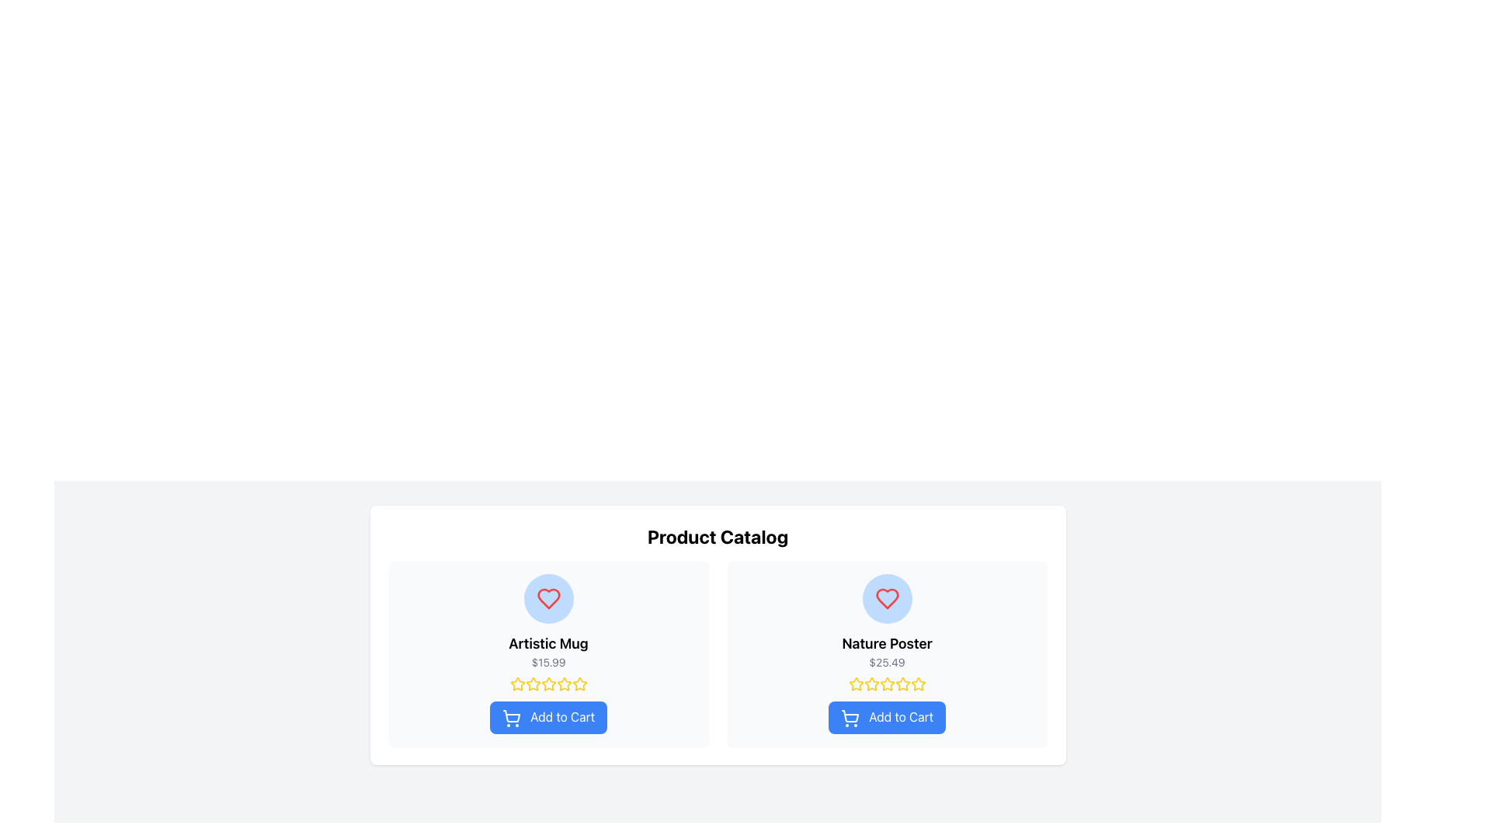 The height and width of the screenshot is (839, 1491). I want to click on the first star icon in the row of five yellow stars beneath the 'Nature Poster' product card, so click(855, 683).